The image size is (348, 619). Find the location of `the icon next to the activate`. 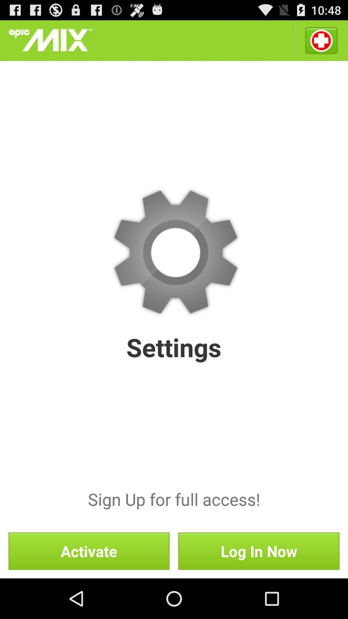

the icon next to the activate is located at coordinates (258, 551).